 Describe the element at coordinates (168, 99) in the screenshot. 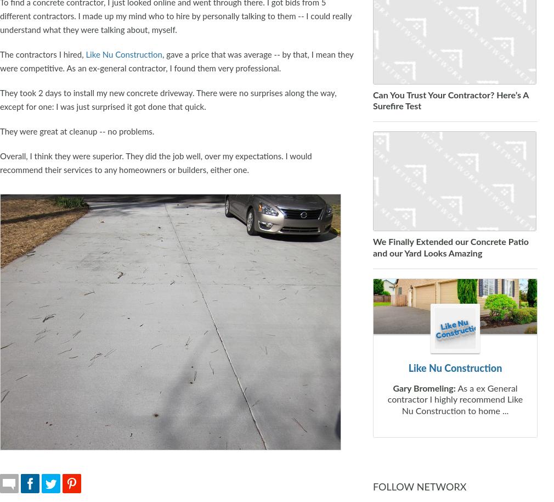

I see `'They took 2 days to install my new concrete driveway. There were no surprises along the way, except for one: I was just surprised it got done that quick.'` at that location.